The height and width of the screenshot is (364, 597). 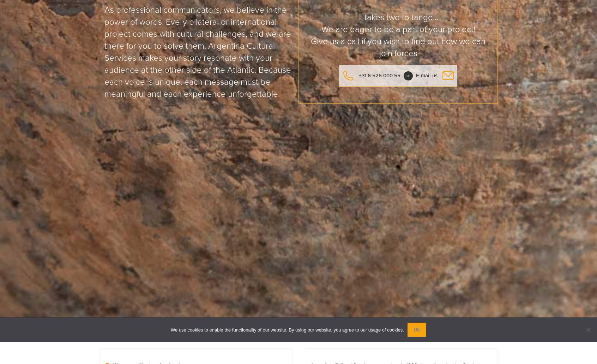 I want to click on 'realisatie:', so click(x=424, y=331).